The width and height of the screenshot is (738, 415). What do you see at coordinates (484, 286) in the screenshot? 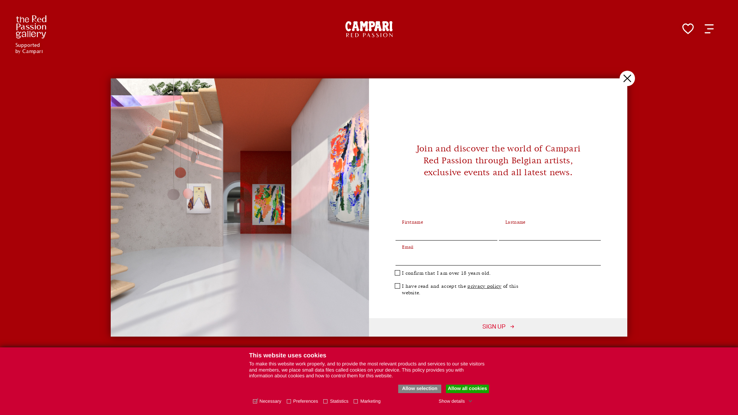
I see `'privacy policy'` at bounding box center [484, 286].